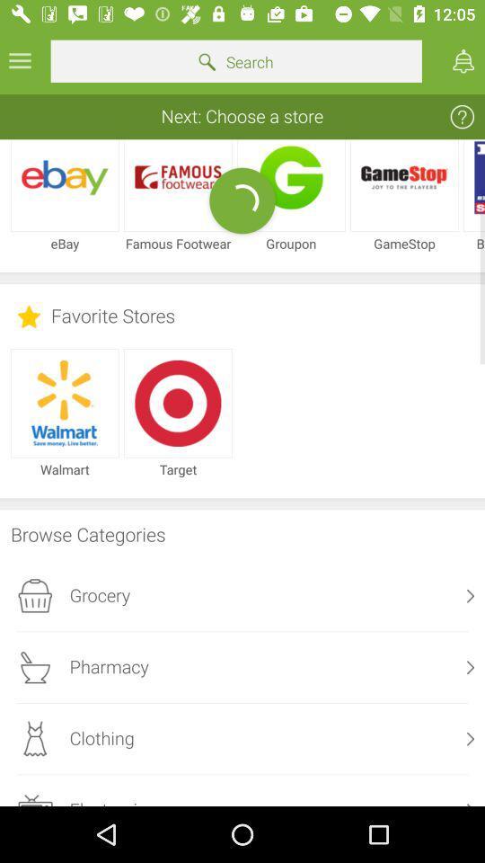 This screenshot has height=863, width=485. What do you see at coordinates (35, 596) in the screenshot?
I see `the icon which is left side of the grocery` at bounding box center [35, 596].